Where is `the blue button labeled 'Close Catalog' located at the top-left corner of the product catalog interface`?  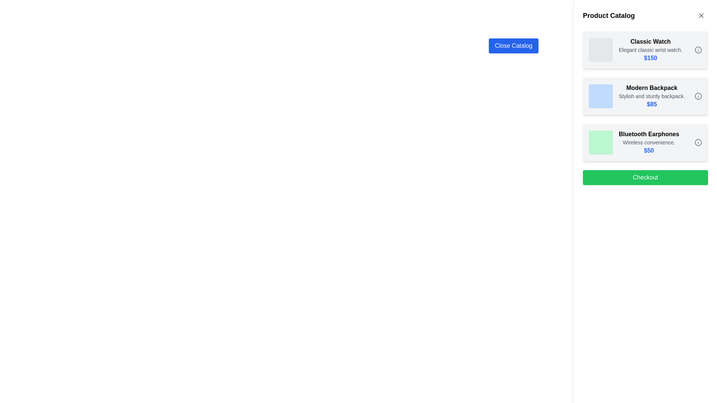
the blue button labeled 'Close Catalog' located at the top-left corner of the product catalog interface is located at coordinates (513, 46).